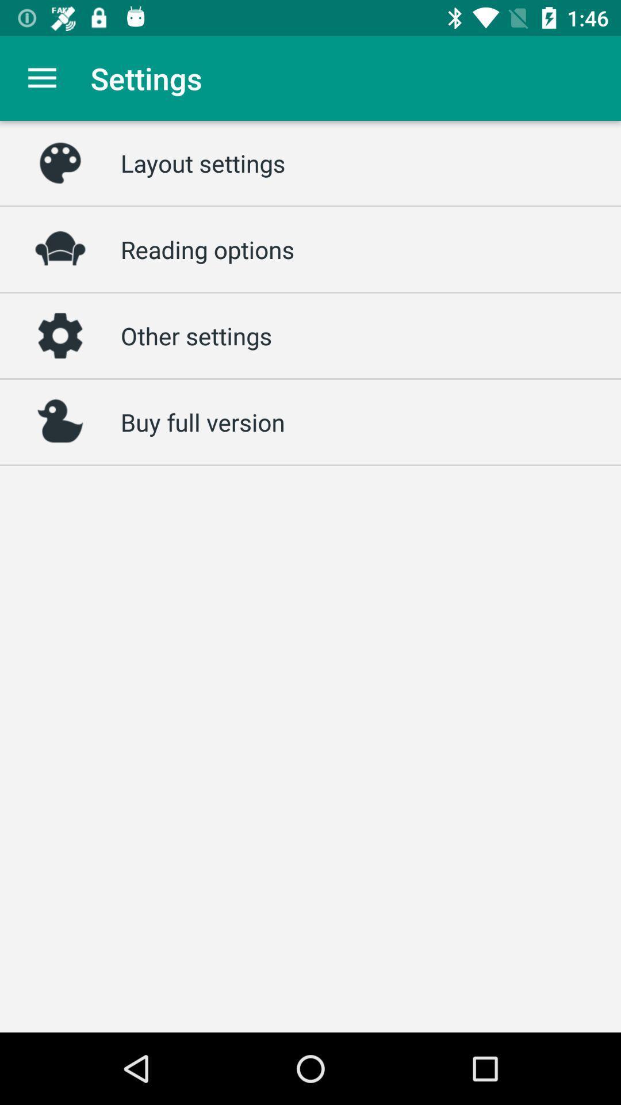 Image resolution: width=621 pixels, height=1105 pixels. What do you see at coordinates (195, 335) in the screenshot?
I see `the item above buy full version` at bounding box center [195, 335].